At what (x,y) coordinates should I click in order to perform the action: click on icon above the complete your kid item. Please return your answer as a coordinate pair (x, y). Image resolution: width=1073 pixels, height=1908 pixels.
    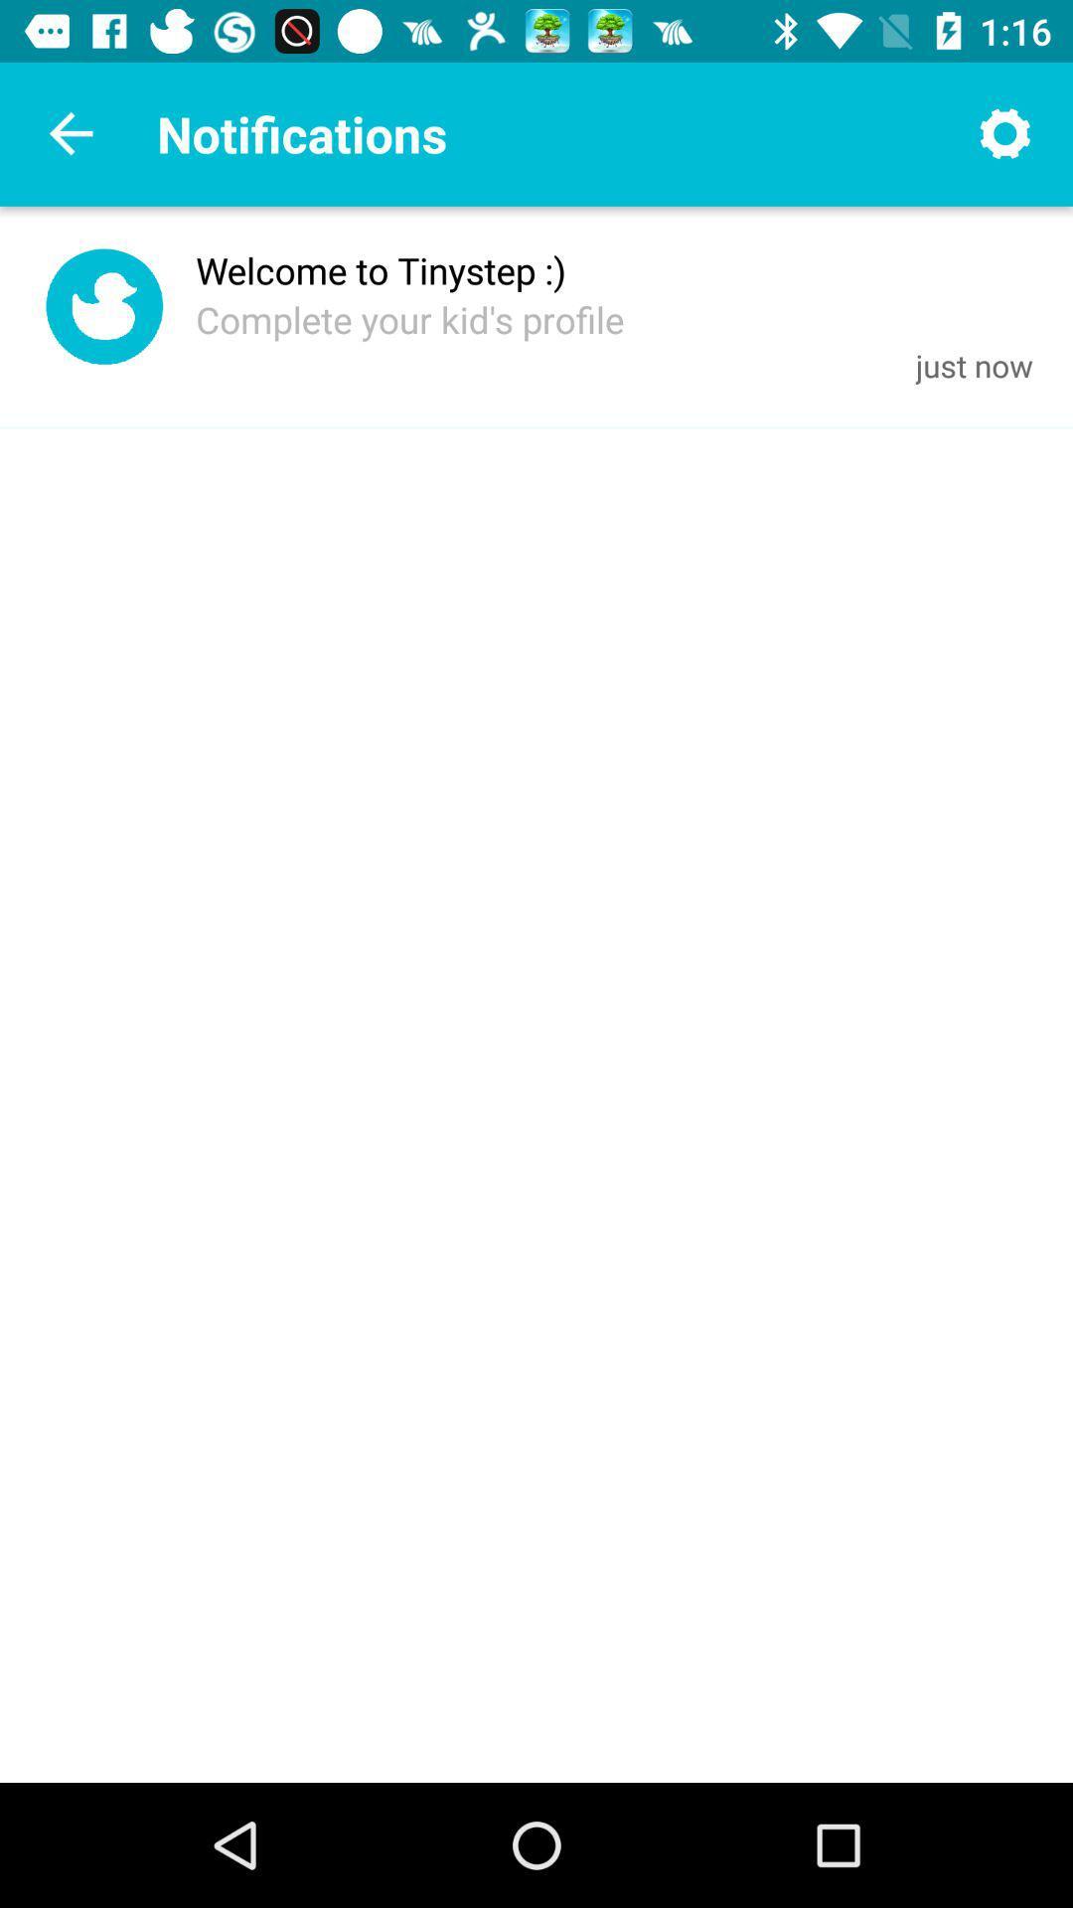
    Looking at the image, I should click on (381, 269).